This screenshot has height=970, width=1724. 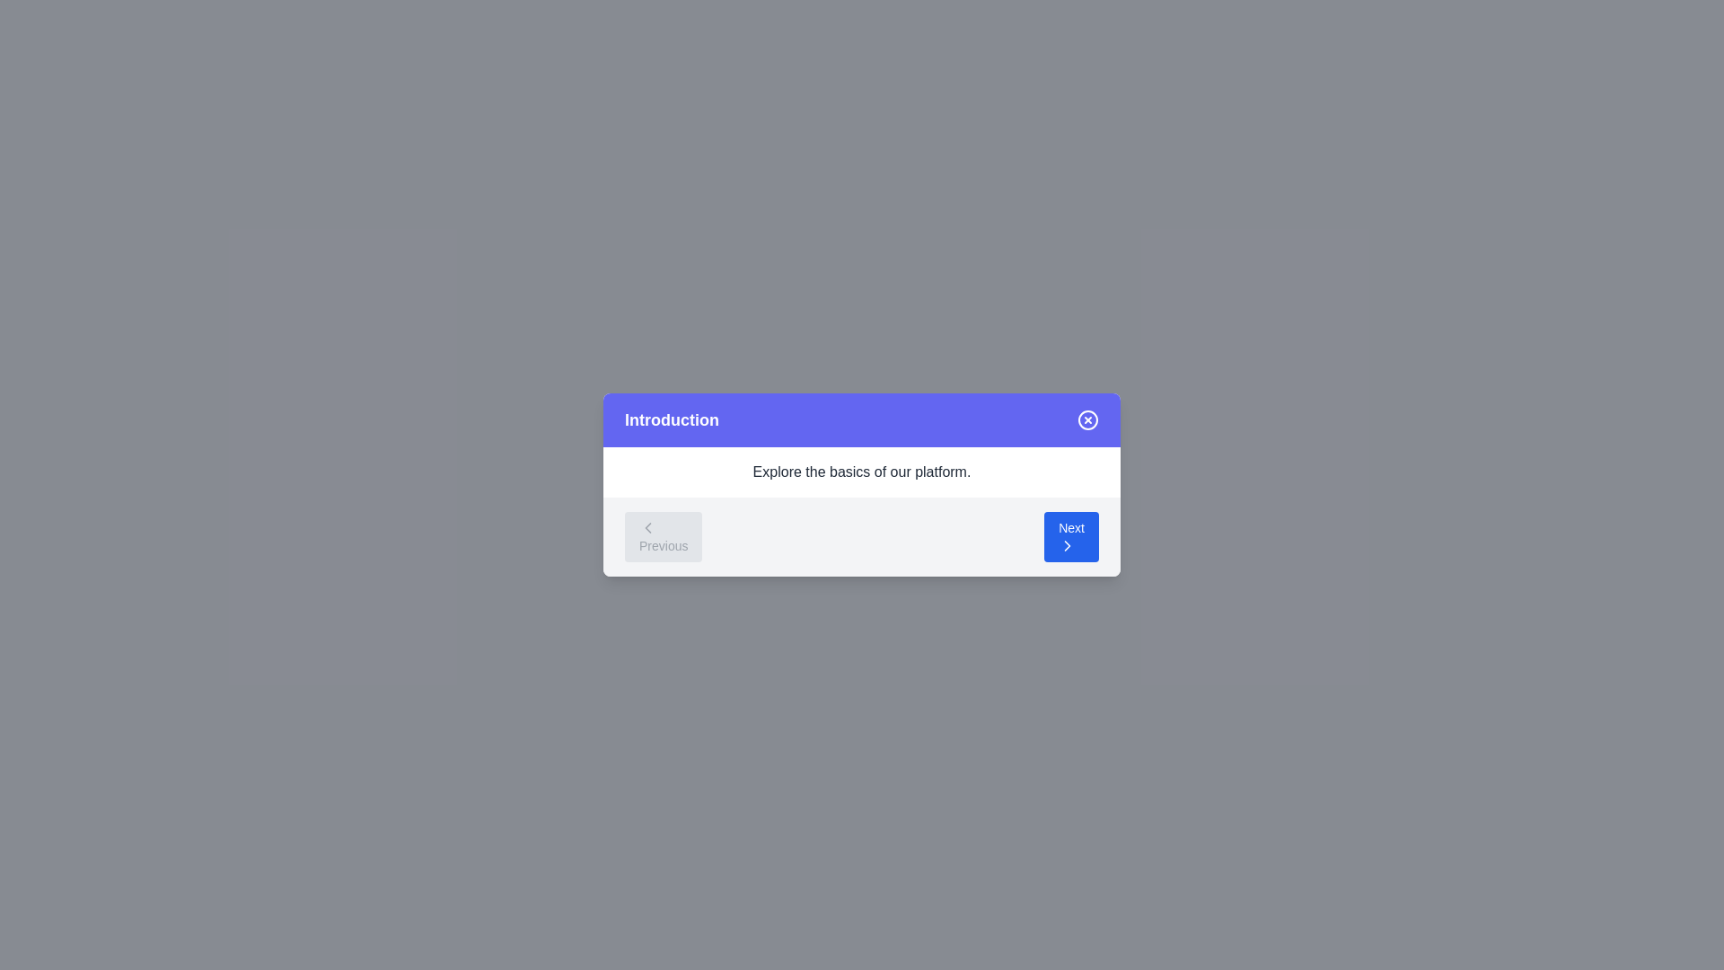 I want to click on static text element providing introductory information, located below the title 'Introduction' in the modal card, so click(x=862, y=471).